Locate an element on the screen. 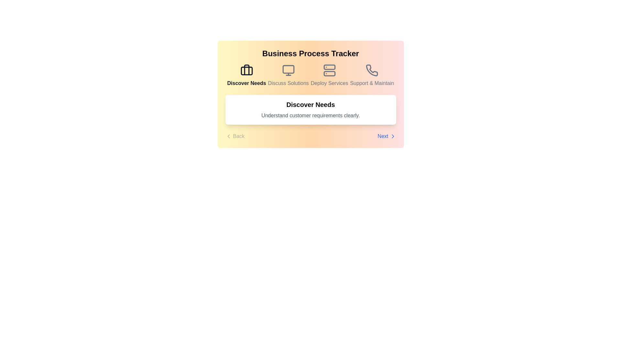 The width and height of the screenshot is (621, 349). the step icon for Support & Maintain is located at coordinates (372, 75).